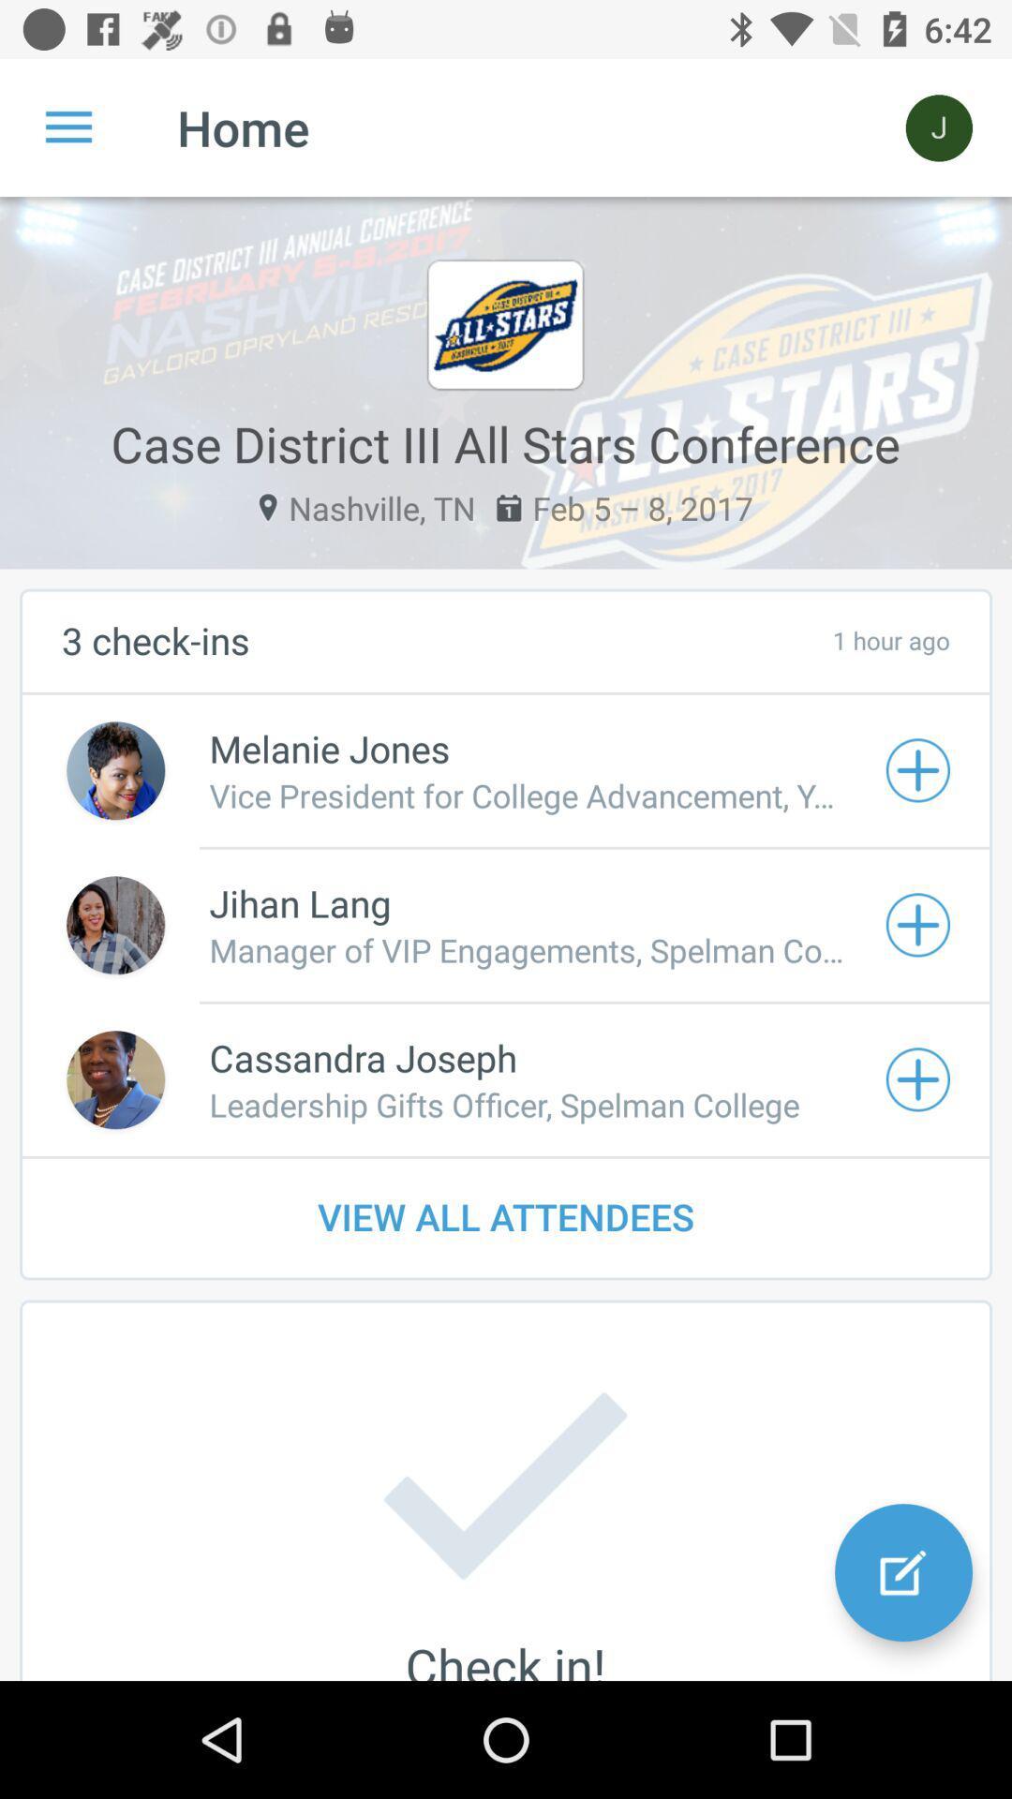  I want to click on the view all attendees item, so click(506, 1216).